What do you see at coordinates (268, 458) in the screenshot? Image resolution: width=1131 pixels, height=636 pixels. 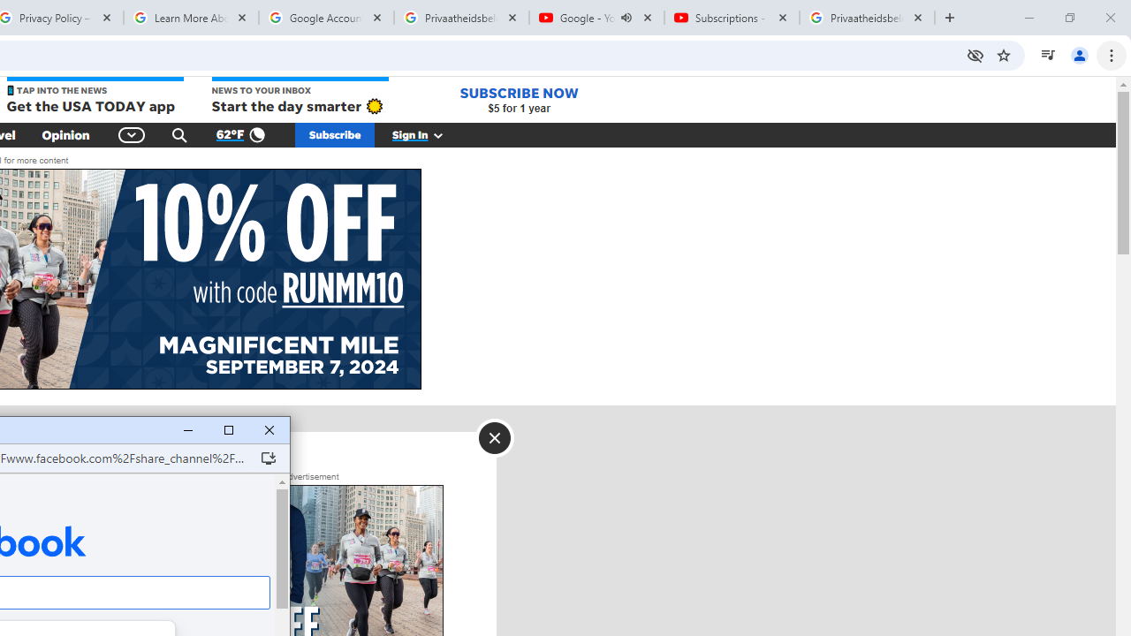 I see `'Install Facebook'` at bounding box center [268, 458].